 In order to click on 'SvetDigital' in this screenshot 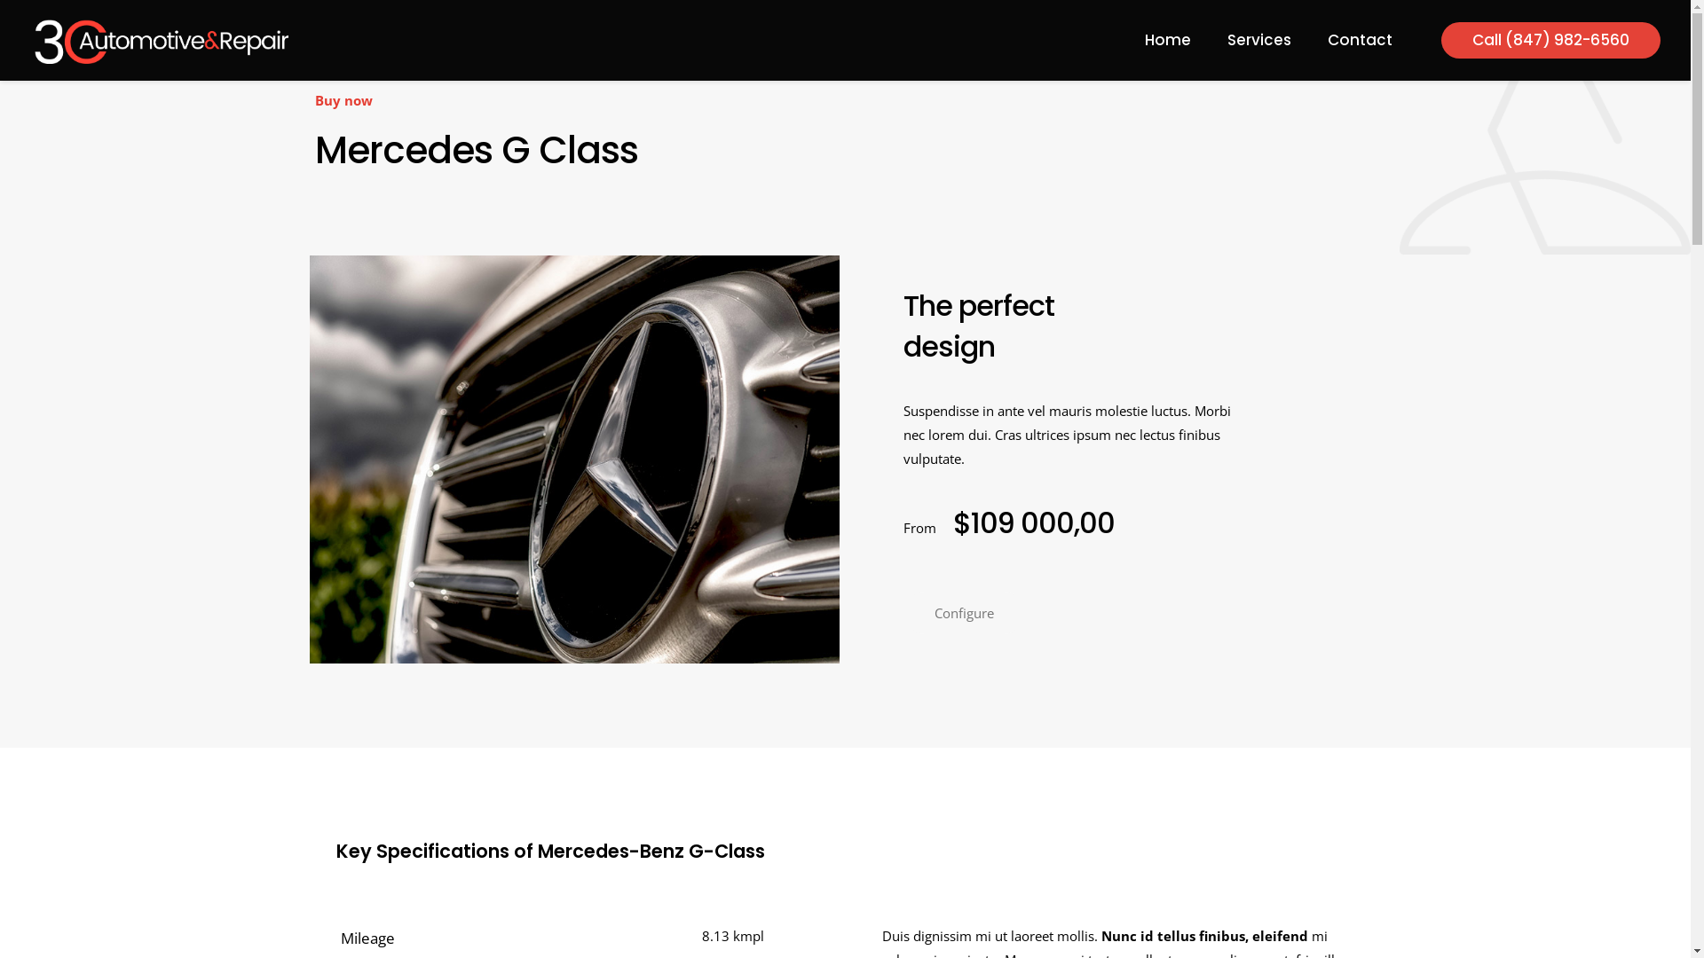, I will do `click(919, 922)`.